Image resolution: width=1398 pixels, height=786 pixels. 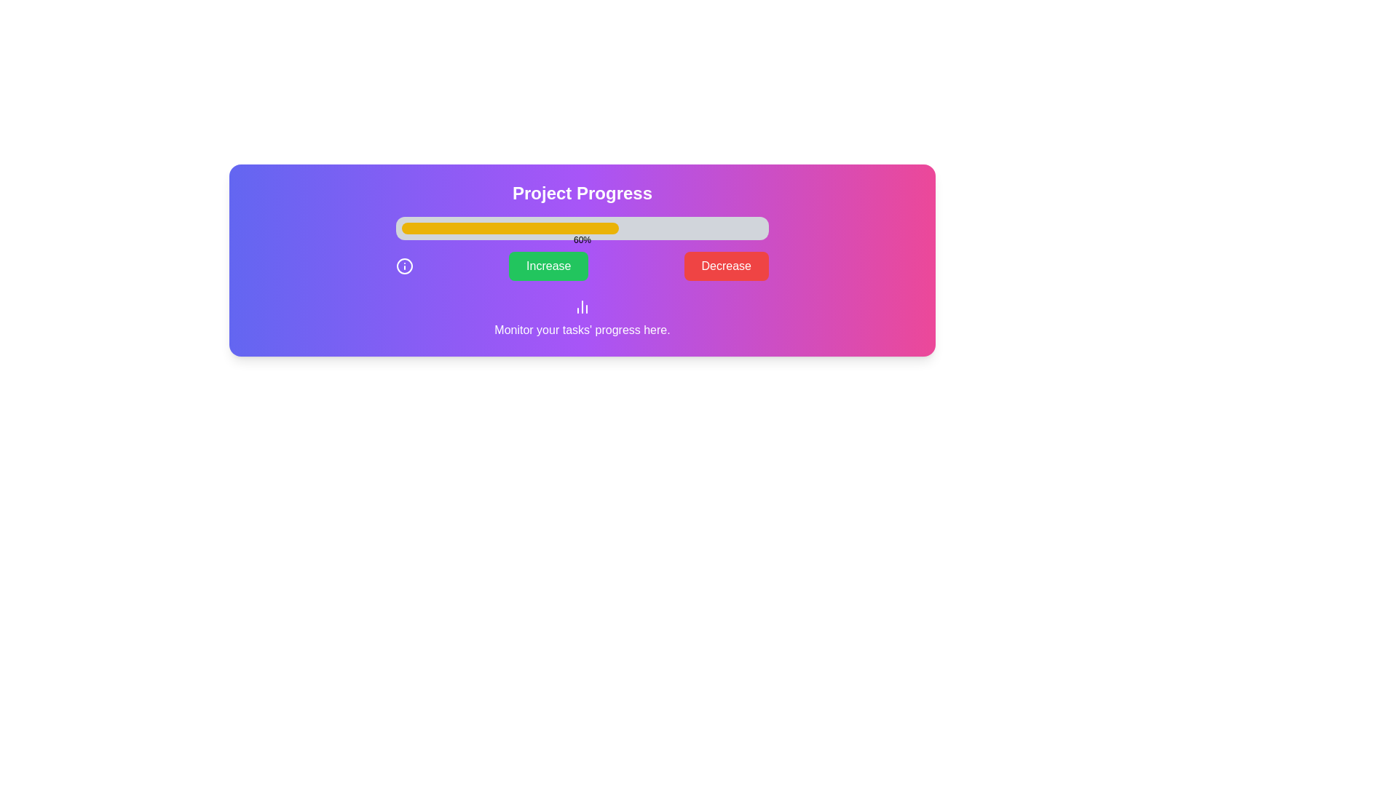 I want to click on the Interactive button group containing 'Increase' and 'Decrease' buttons, so click(x=582, y=266).